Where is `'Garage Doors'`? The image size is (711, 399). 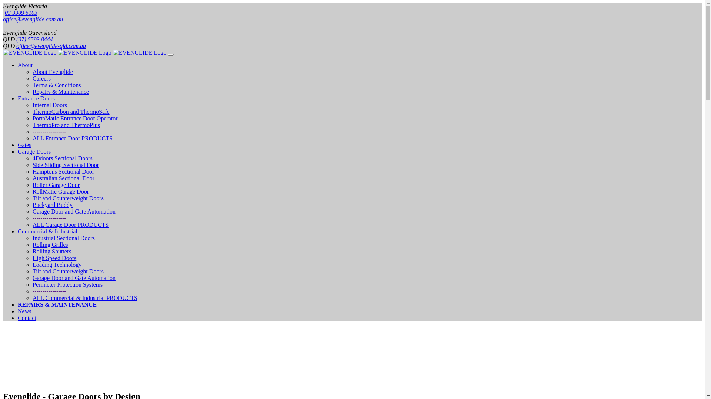 'Garage Doors' is located at coordinates (34, 151).